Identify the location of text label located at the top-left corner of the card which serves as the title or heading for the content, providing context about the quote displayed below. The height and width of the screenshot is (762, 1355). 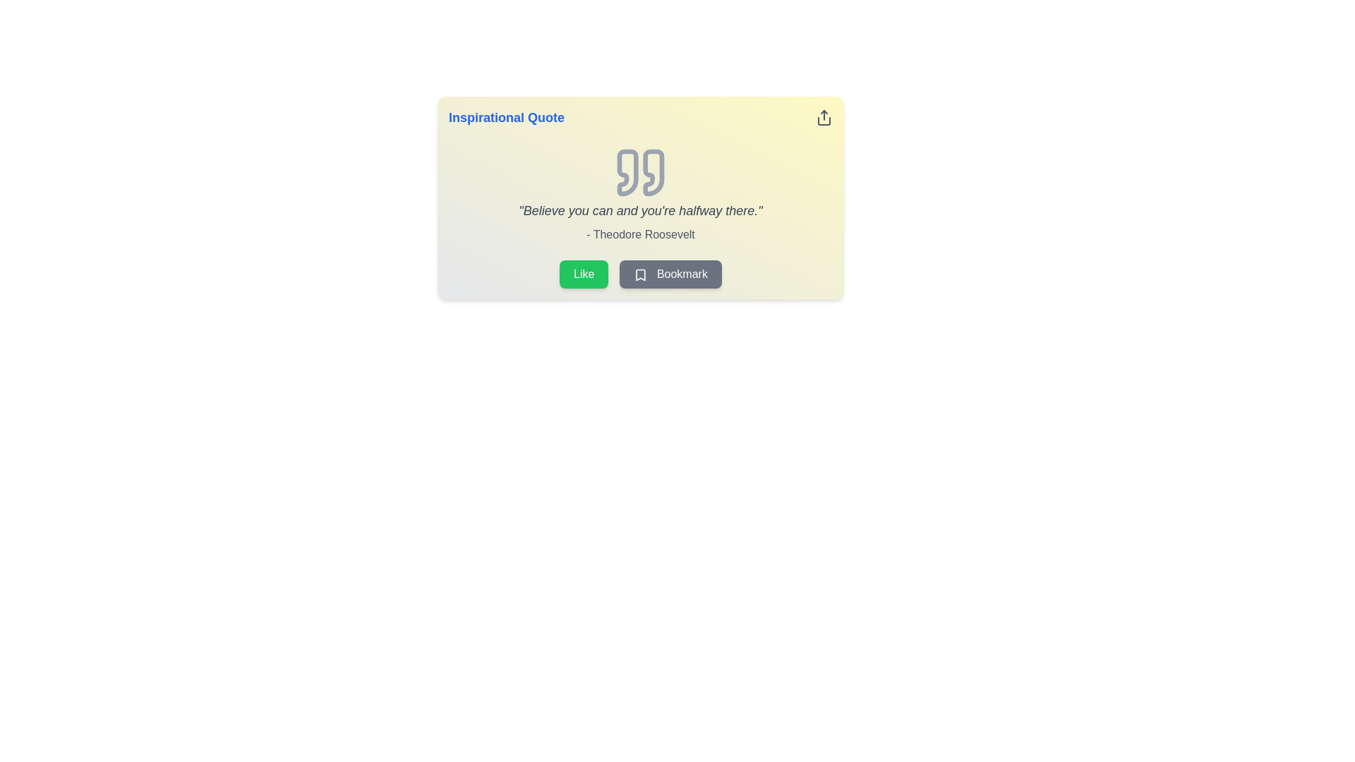
(507, 116).